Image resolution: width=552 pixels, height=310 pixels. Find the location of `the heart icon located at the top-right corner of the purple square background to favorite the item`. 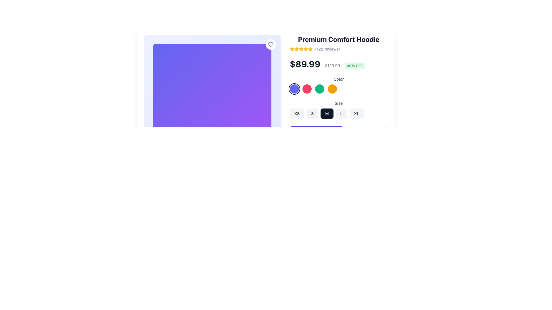

the heart icon located at the top-right corner of the purple square background to favorite the item is located at coordinates (270, 44).